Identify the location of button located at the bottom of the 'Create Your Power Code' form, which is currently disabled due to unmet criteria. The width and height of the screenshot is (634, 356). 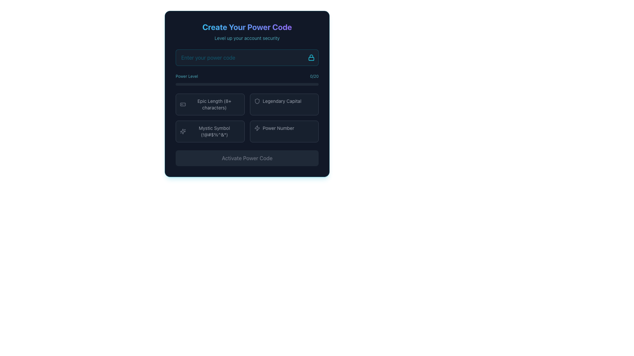
(247, 158).